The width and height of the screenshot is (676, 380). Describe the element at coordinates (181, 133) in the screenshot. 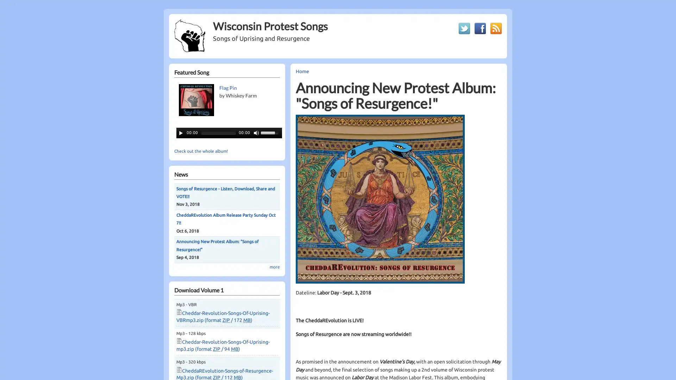

I see `Play/Pause` at that location.